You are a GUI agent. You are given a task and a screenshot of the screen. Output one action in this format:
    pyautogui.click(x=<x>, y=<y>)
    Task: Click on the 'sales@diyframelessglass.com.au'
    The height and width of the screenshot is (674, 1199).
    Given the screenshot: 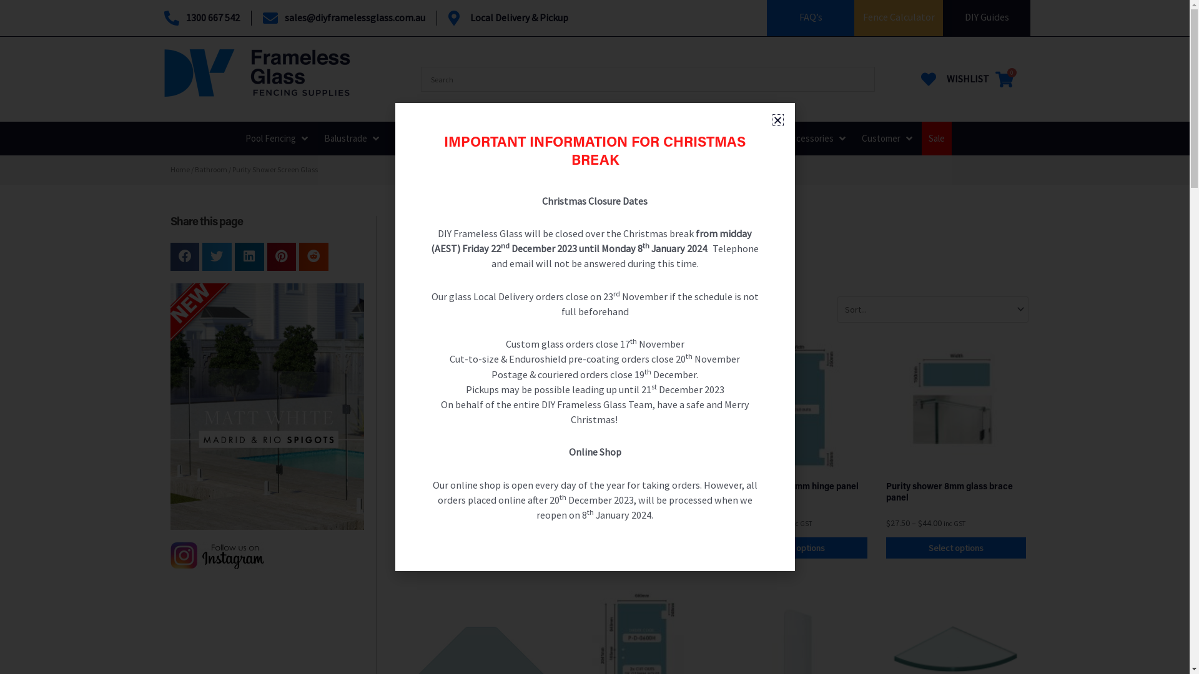 What is the action you would take?
    pyautogui.click(x=262, y=18)
    